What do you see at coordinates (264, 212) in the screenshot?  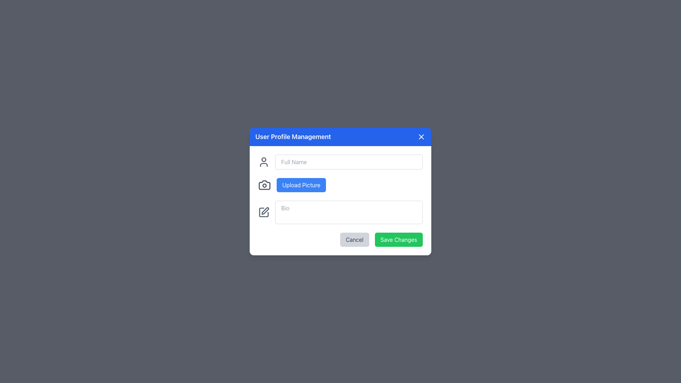 I see `the editing icon located in the modal window below the 'Upload Picture' button, to the left of the biography text area` at bounding box center [264, 212].